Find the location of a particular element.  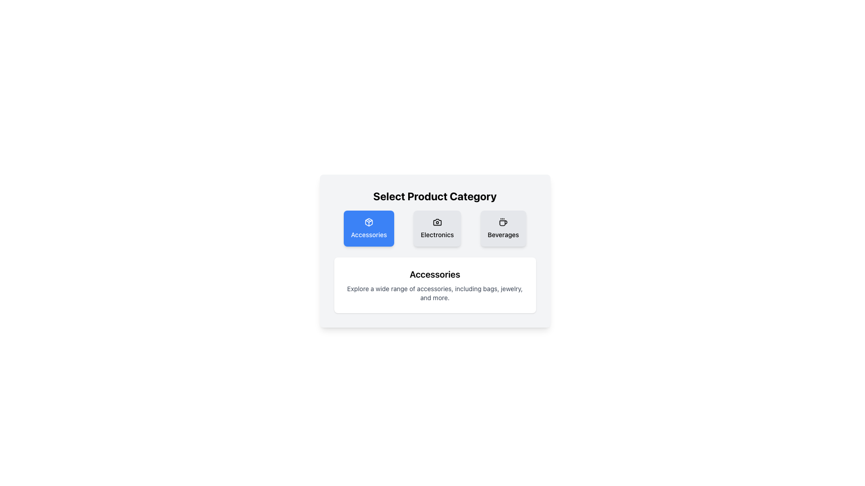

the 'Electronics' text label, which is centrally located beneath the camera icon in the category section is located at coordinates (437, 234).